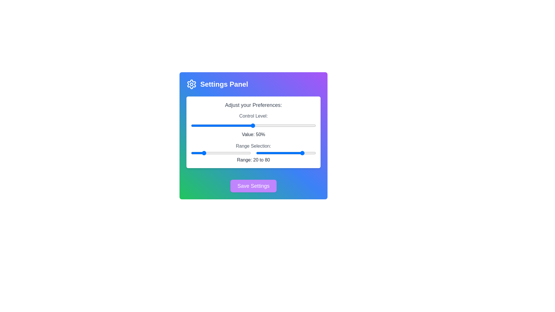  What do you see at coordinates (224, 84) in the screenshot?
I see `the 'Settings Panel' text label, which is prominently styled with a large bold font on a blue-to-green gradient background, located beneath the header area and to the right of a gear icon` at bounding box center [224, 84].